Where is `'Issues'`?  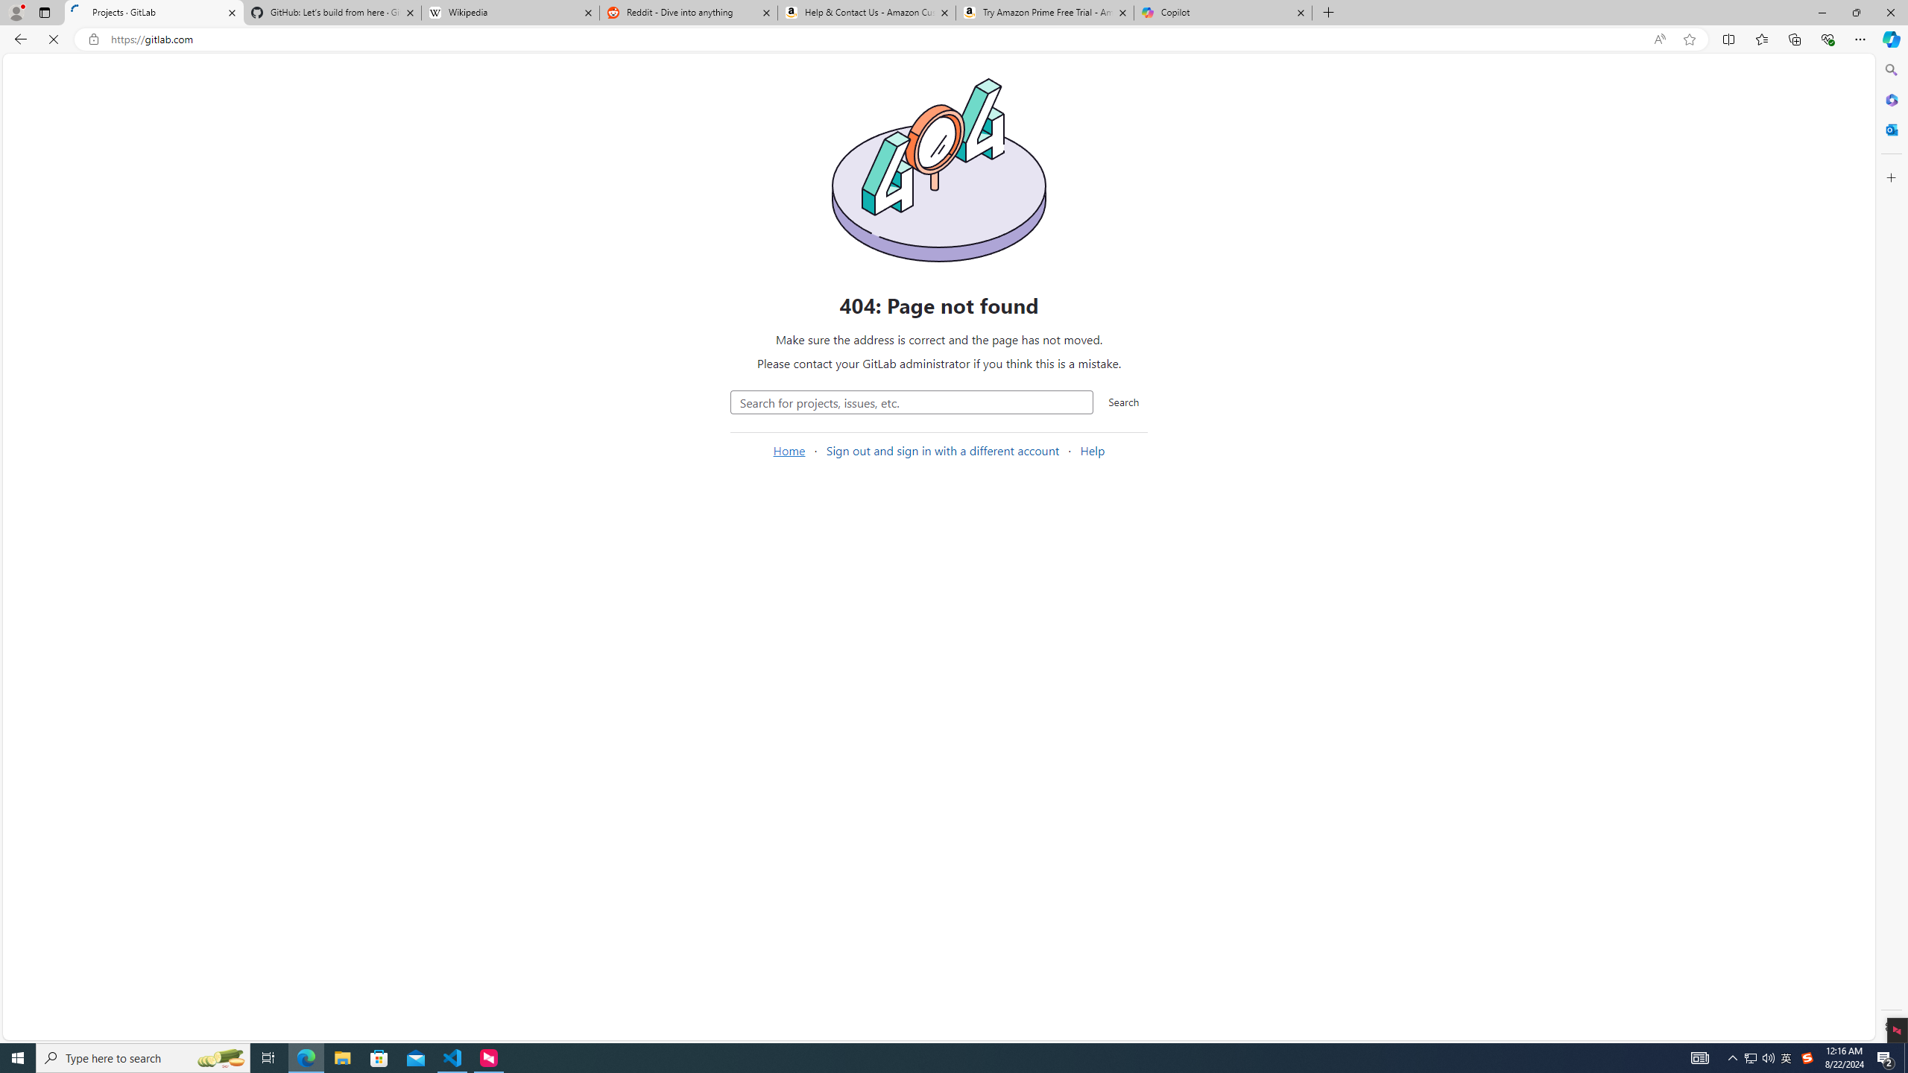 'Issues' is located at coordinates (97, 242).